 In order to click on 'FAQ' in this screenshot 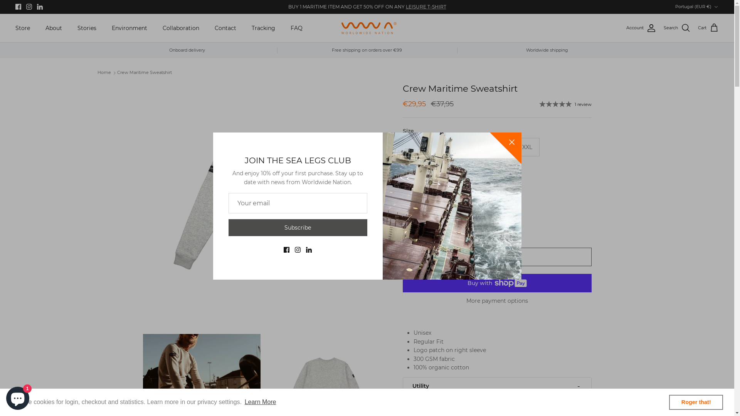, I will do `click(296, 28)`.